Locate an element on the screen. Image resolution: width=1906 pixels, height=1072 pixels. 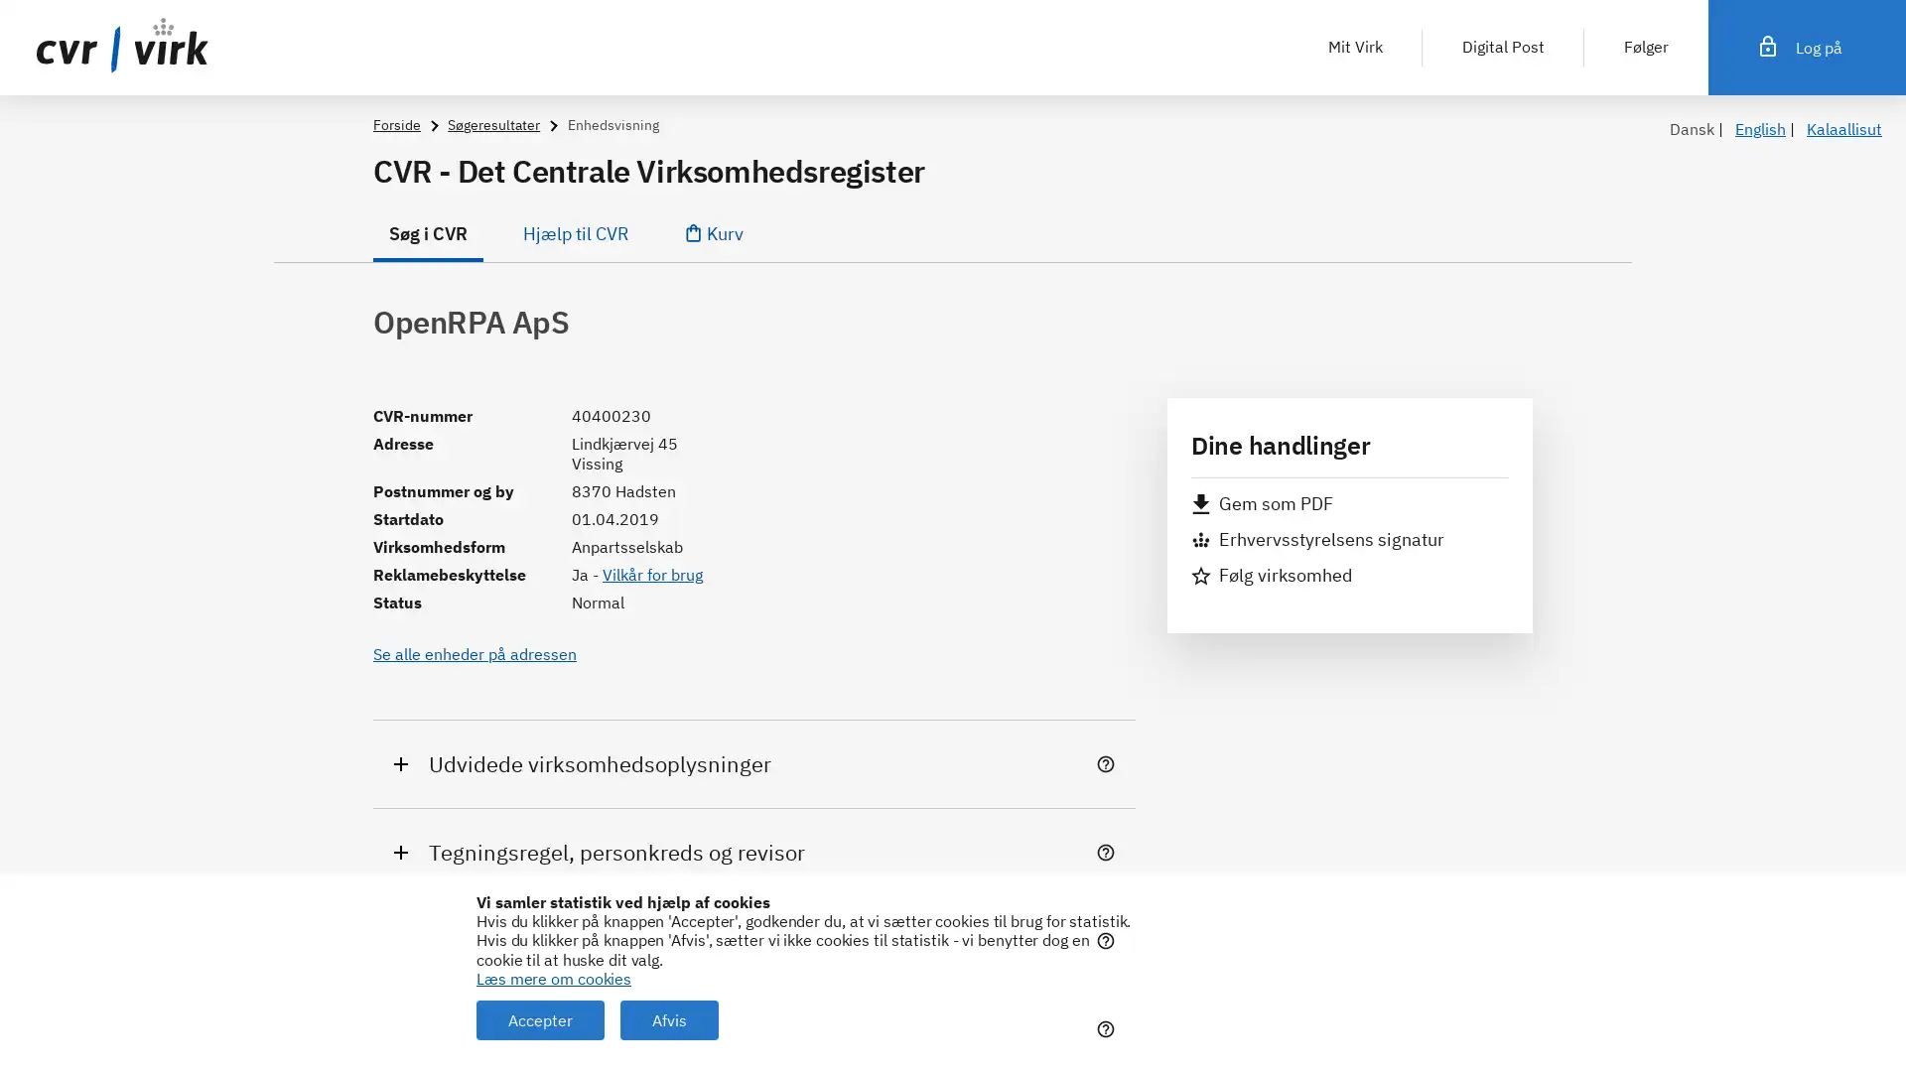
Kalaallisut is located at coordinates (1842, 129).